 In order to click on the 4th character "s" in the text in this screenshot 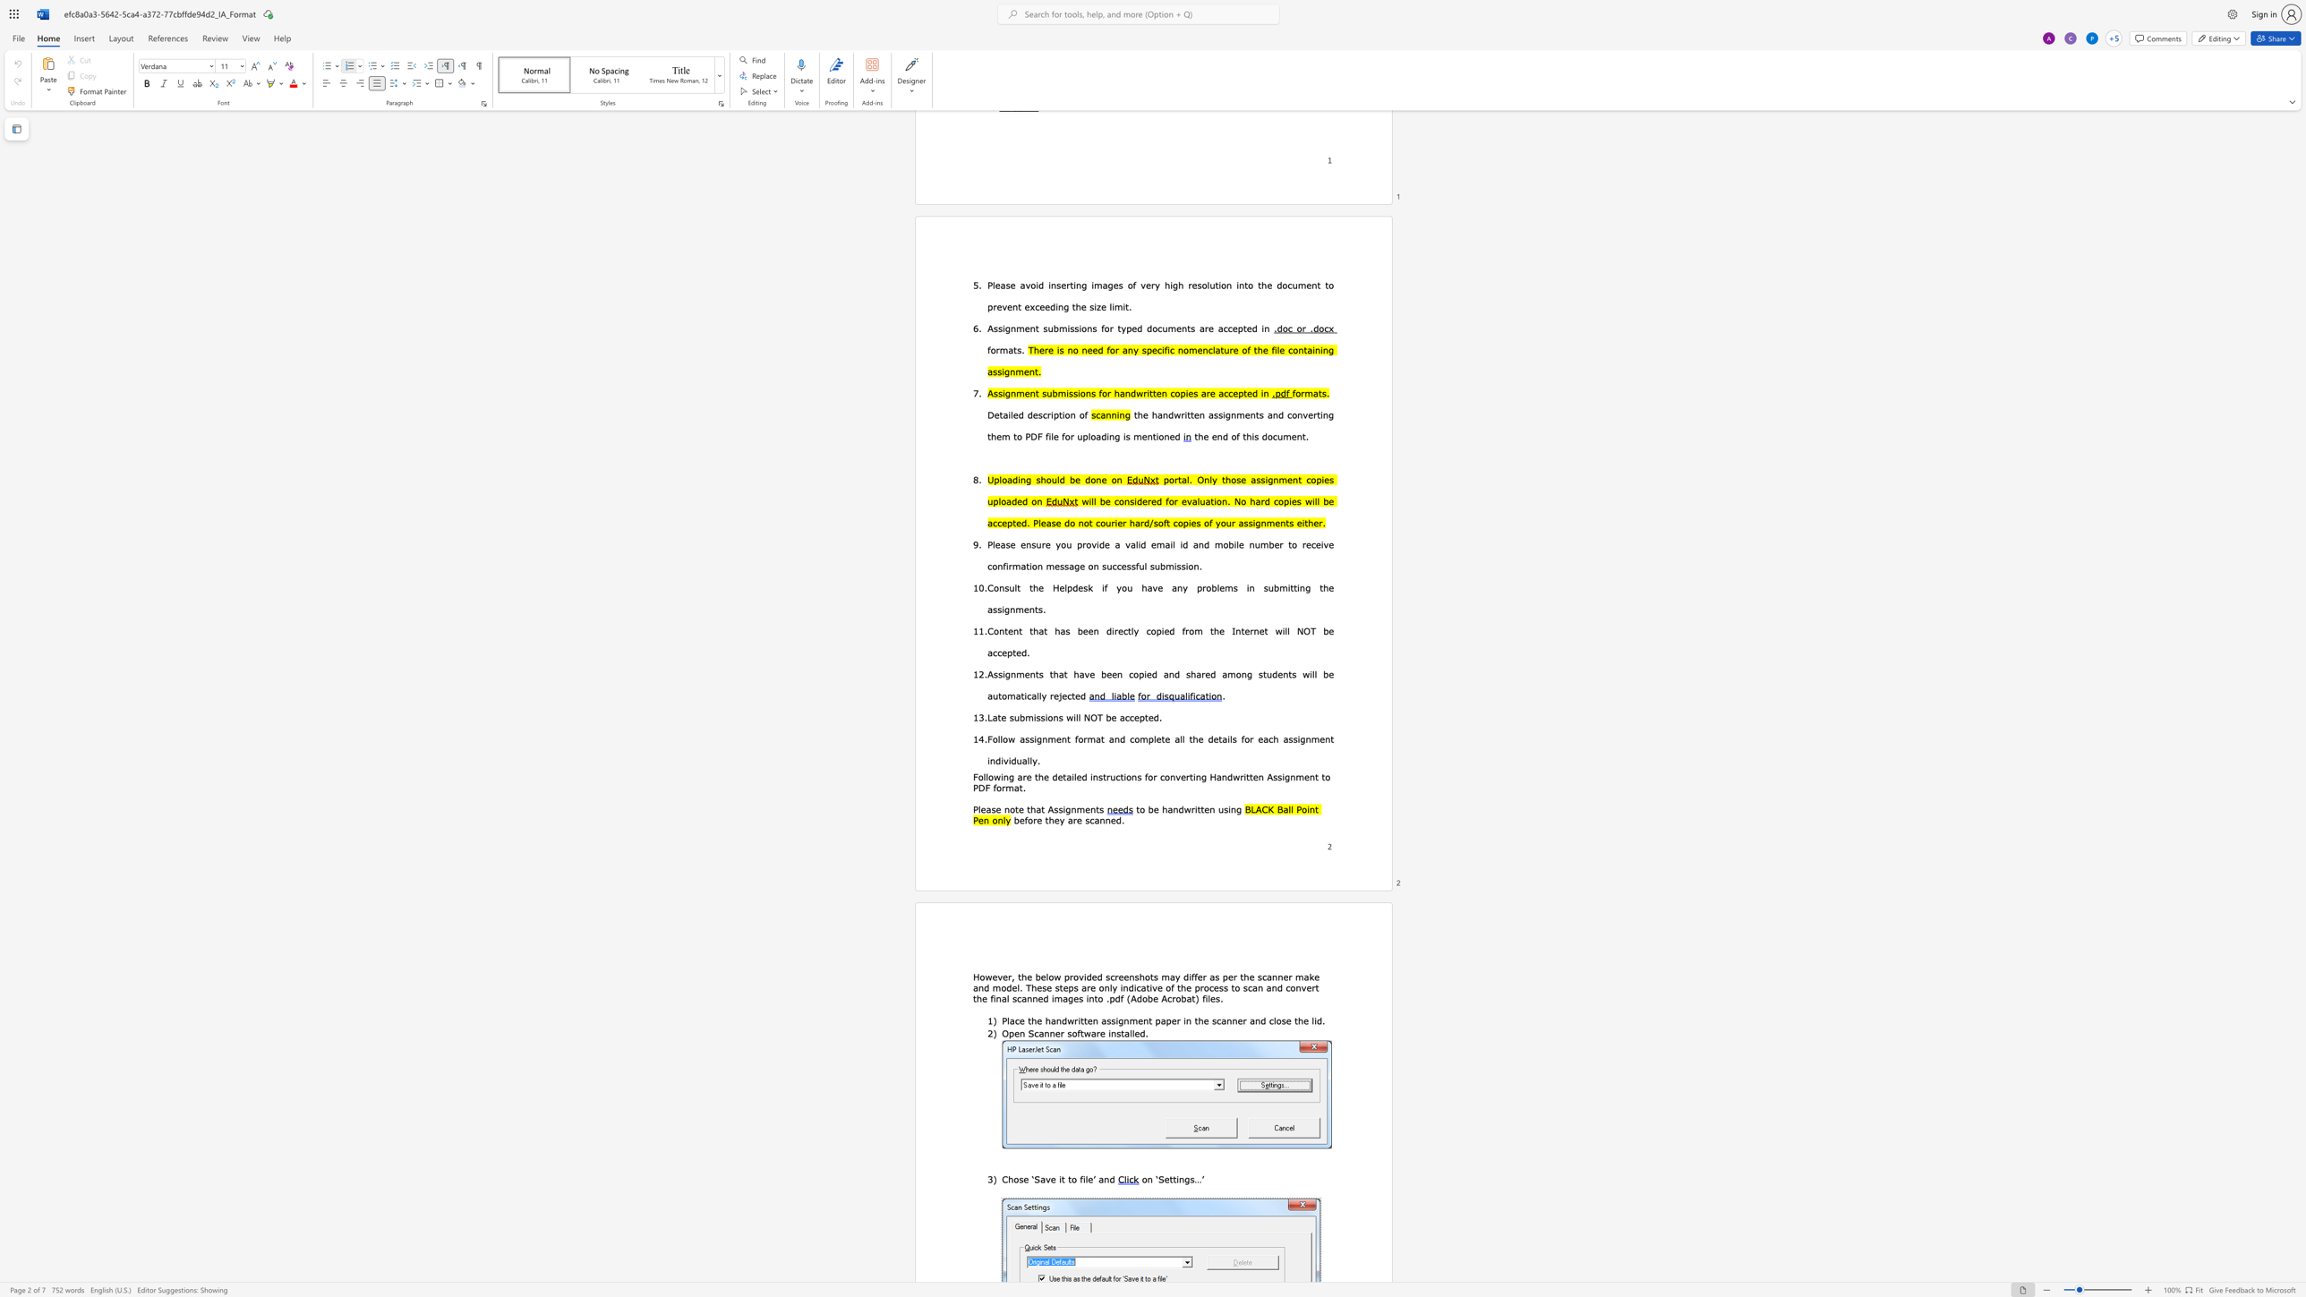, I will do `click(1060, 717)`.